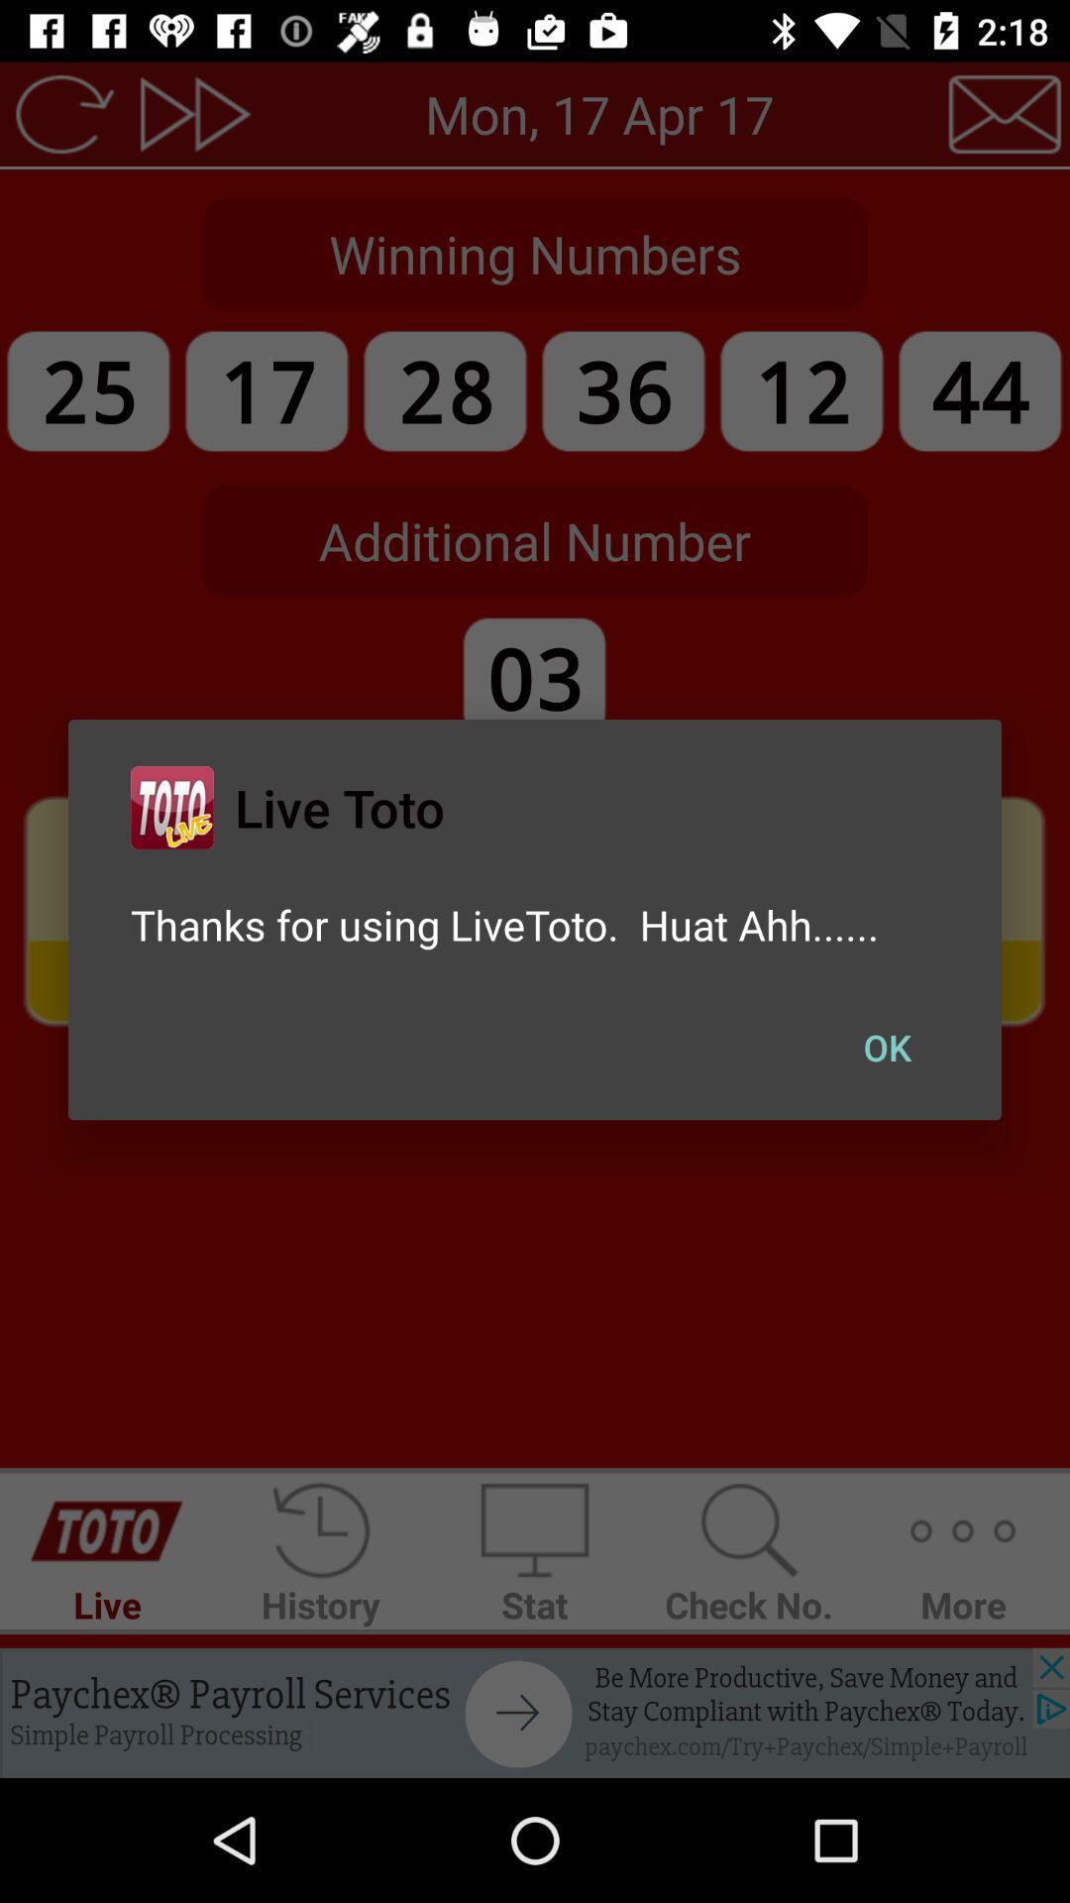  What do you see at coordinates (63, 113) in the screenshot?
I see `the refresh icon` at bounding box center [63, 113].